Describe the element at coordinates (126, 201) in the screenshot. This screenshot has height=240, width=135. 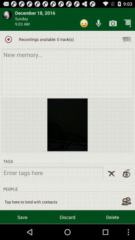
I see `tap to bind contacts` at that location.